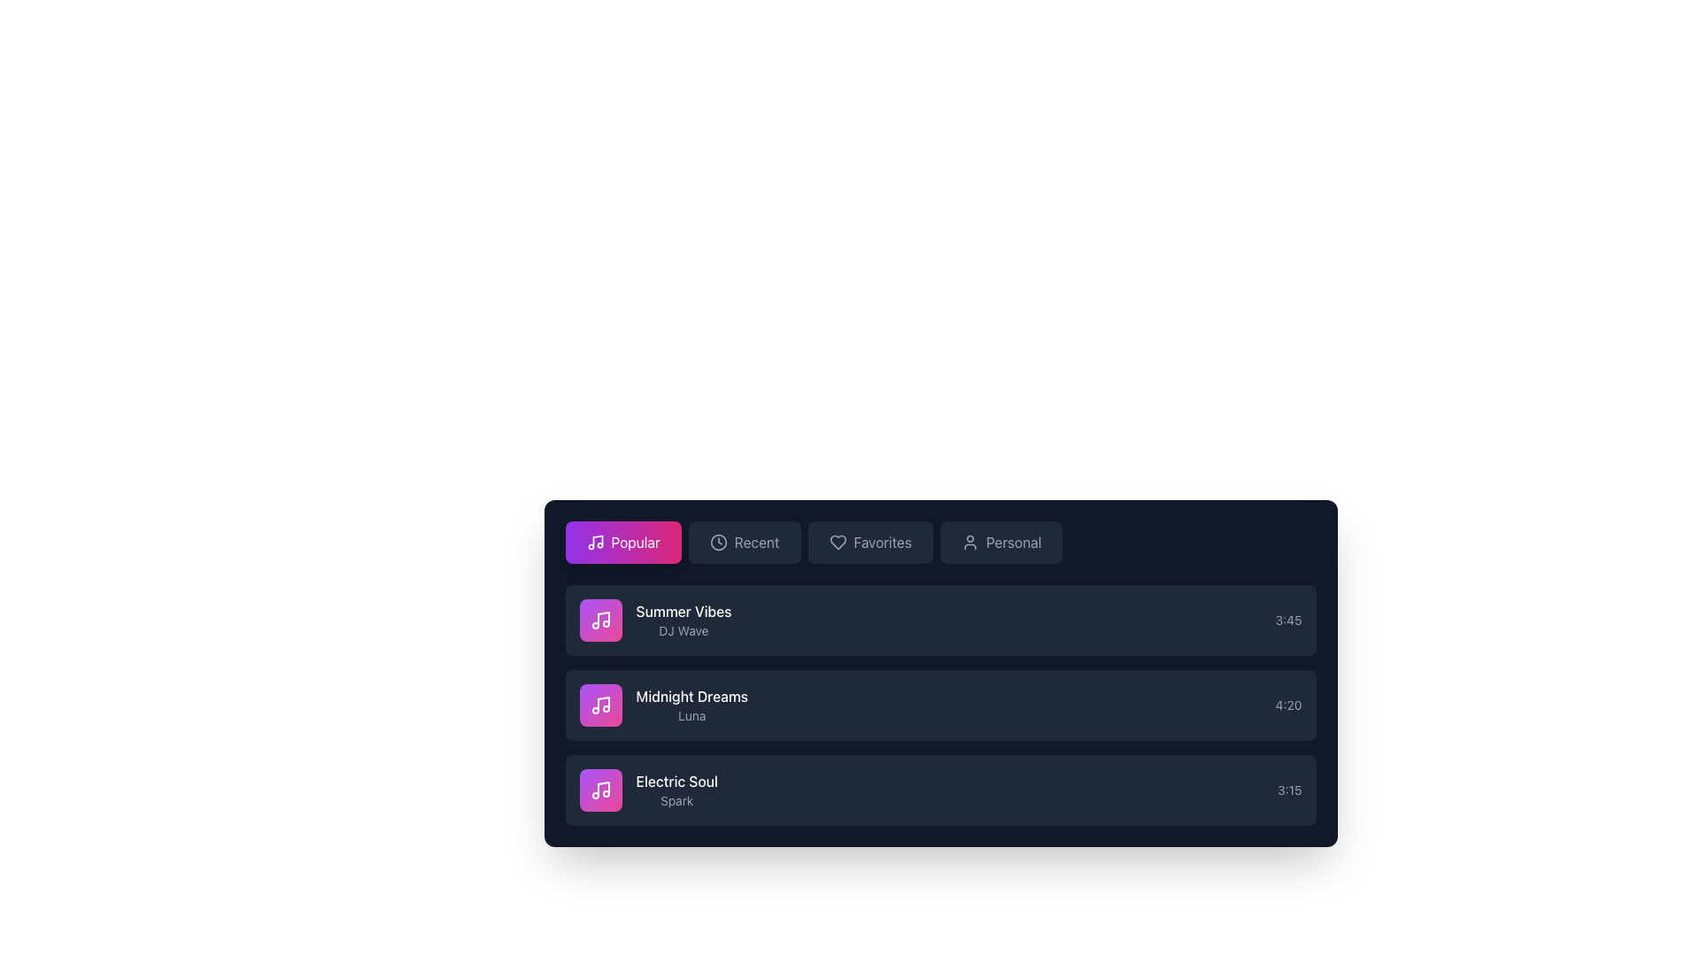 The image size is (1700, 956). What do you see at coordinates (595, 542) in the screenshot?
I see `the musical note icon located within the 'Popular' navigation button in the music interface` at bounding box center [595, 542].